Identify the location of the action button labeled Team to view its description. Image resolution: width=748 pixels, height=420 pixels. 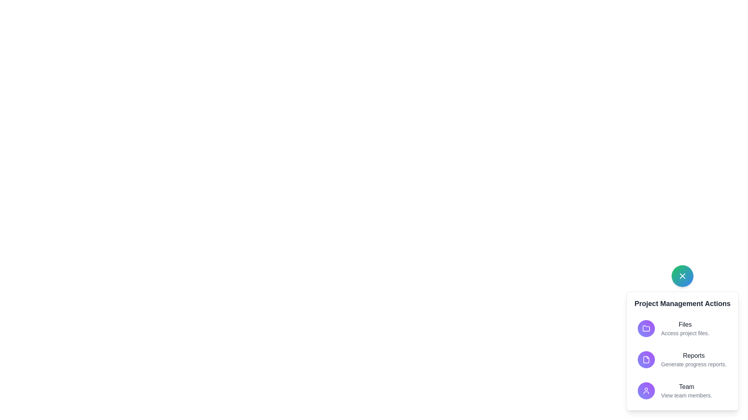
(646, 391).